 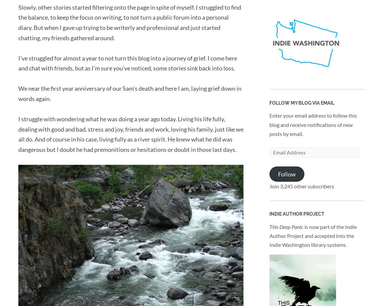 What do you see at coordinates (297, 214) in the screenshot?
I see `'Indie Author Project'` at bounding box center [297, 214].